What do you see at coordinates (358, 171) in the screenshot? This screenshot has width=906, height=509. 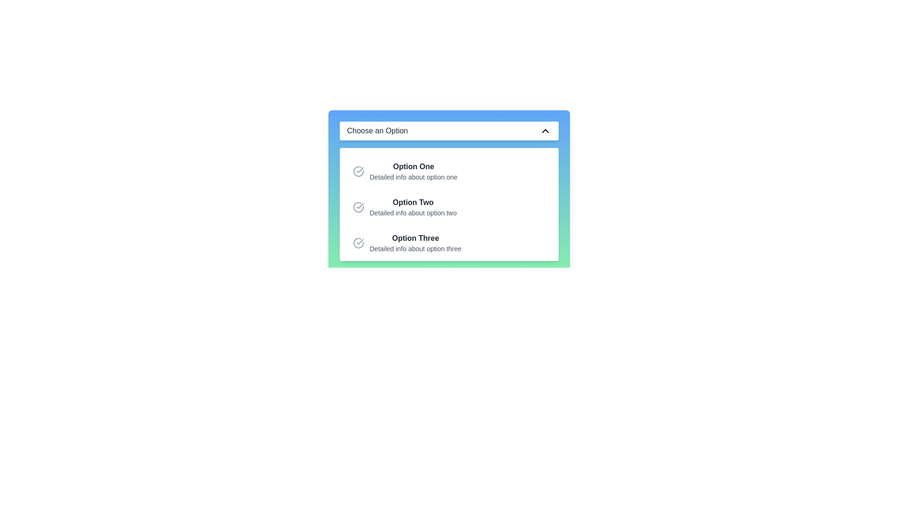 I see `the appearance of the circular checkmark icon representing the selection state of 'Option One' in the vertical list of selectable options` at bounding box center [358, 171].